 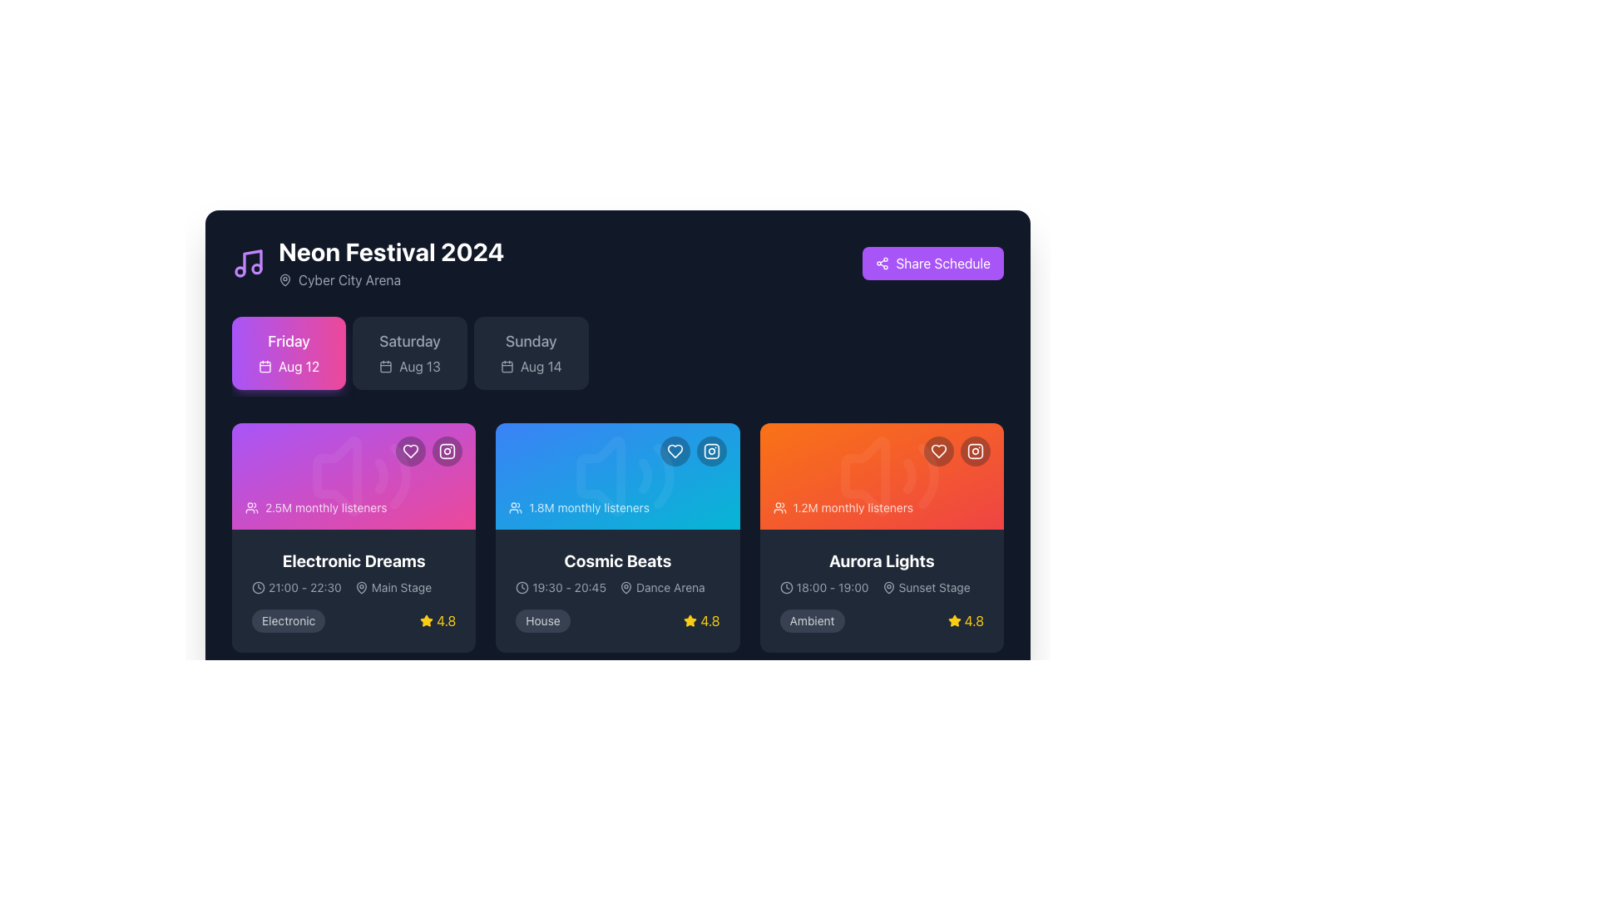 I want to click on text of the label displaying 'Electronic Dreams', which is prominently positioned at the bottom center of the pink gradient tile in the first grid tile, so click(x=353, y=561).